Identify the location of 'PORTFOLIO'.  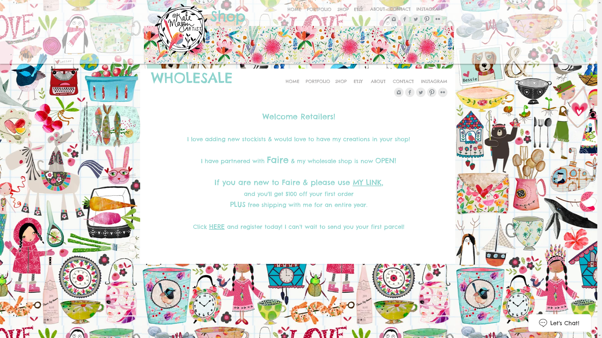
(319, 9).